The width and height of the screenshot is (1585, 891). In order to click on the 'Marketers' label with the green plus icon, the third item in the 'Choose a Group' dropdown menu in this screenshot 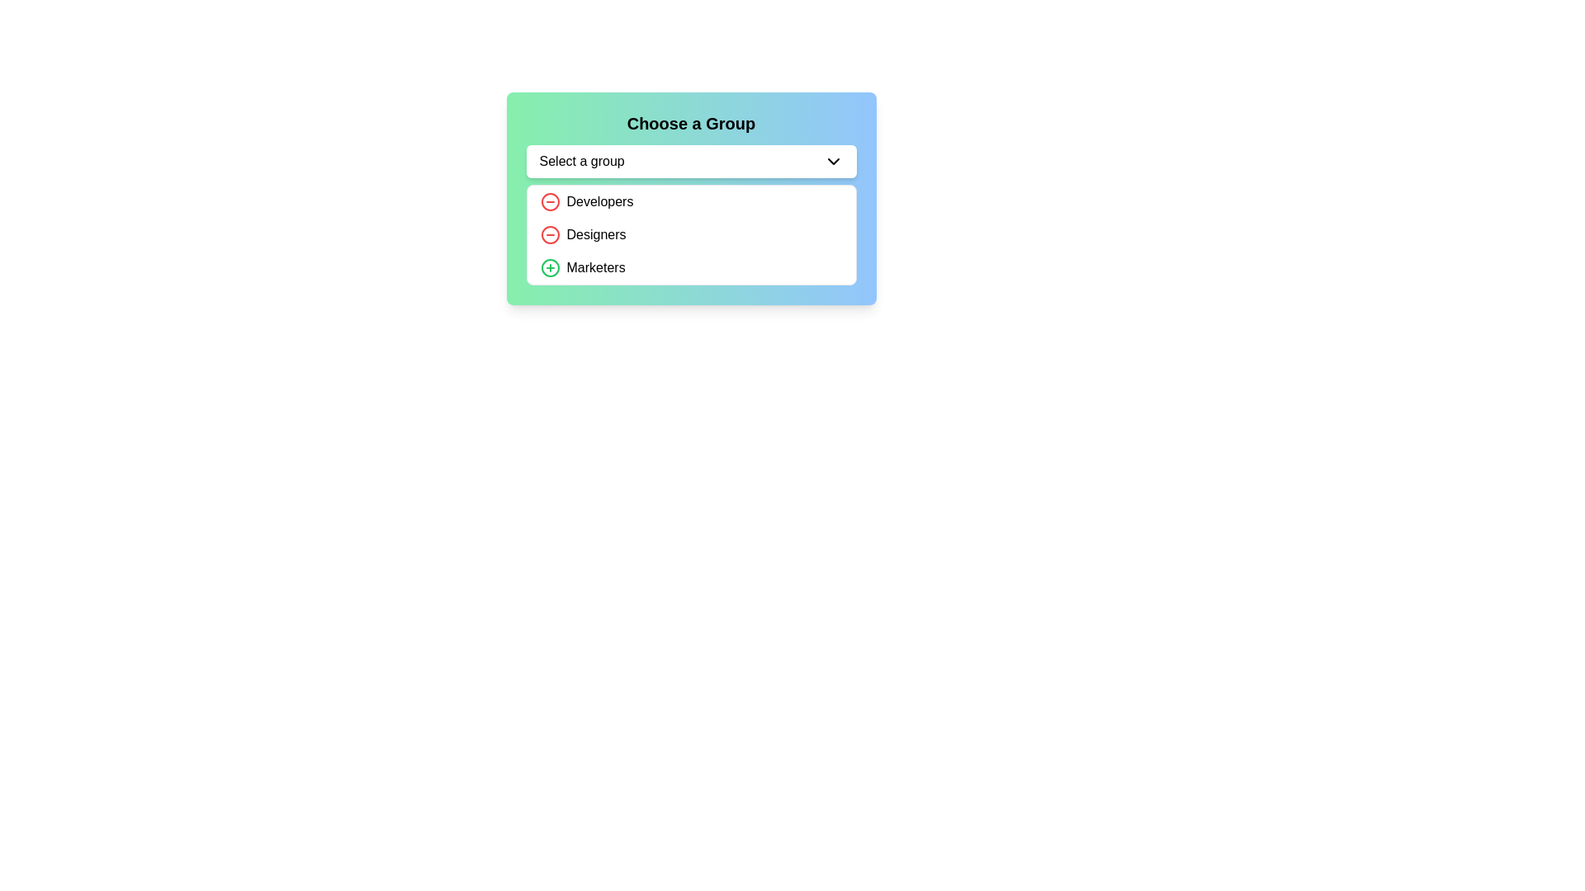, I will do `click(582, 266)`.